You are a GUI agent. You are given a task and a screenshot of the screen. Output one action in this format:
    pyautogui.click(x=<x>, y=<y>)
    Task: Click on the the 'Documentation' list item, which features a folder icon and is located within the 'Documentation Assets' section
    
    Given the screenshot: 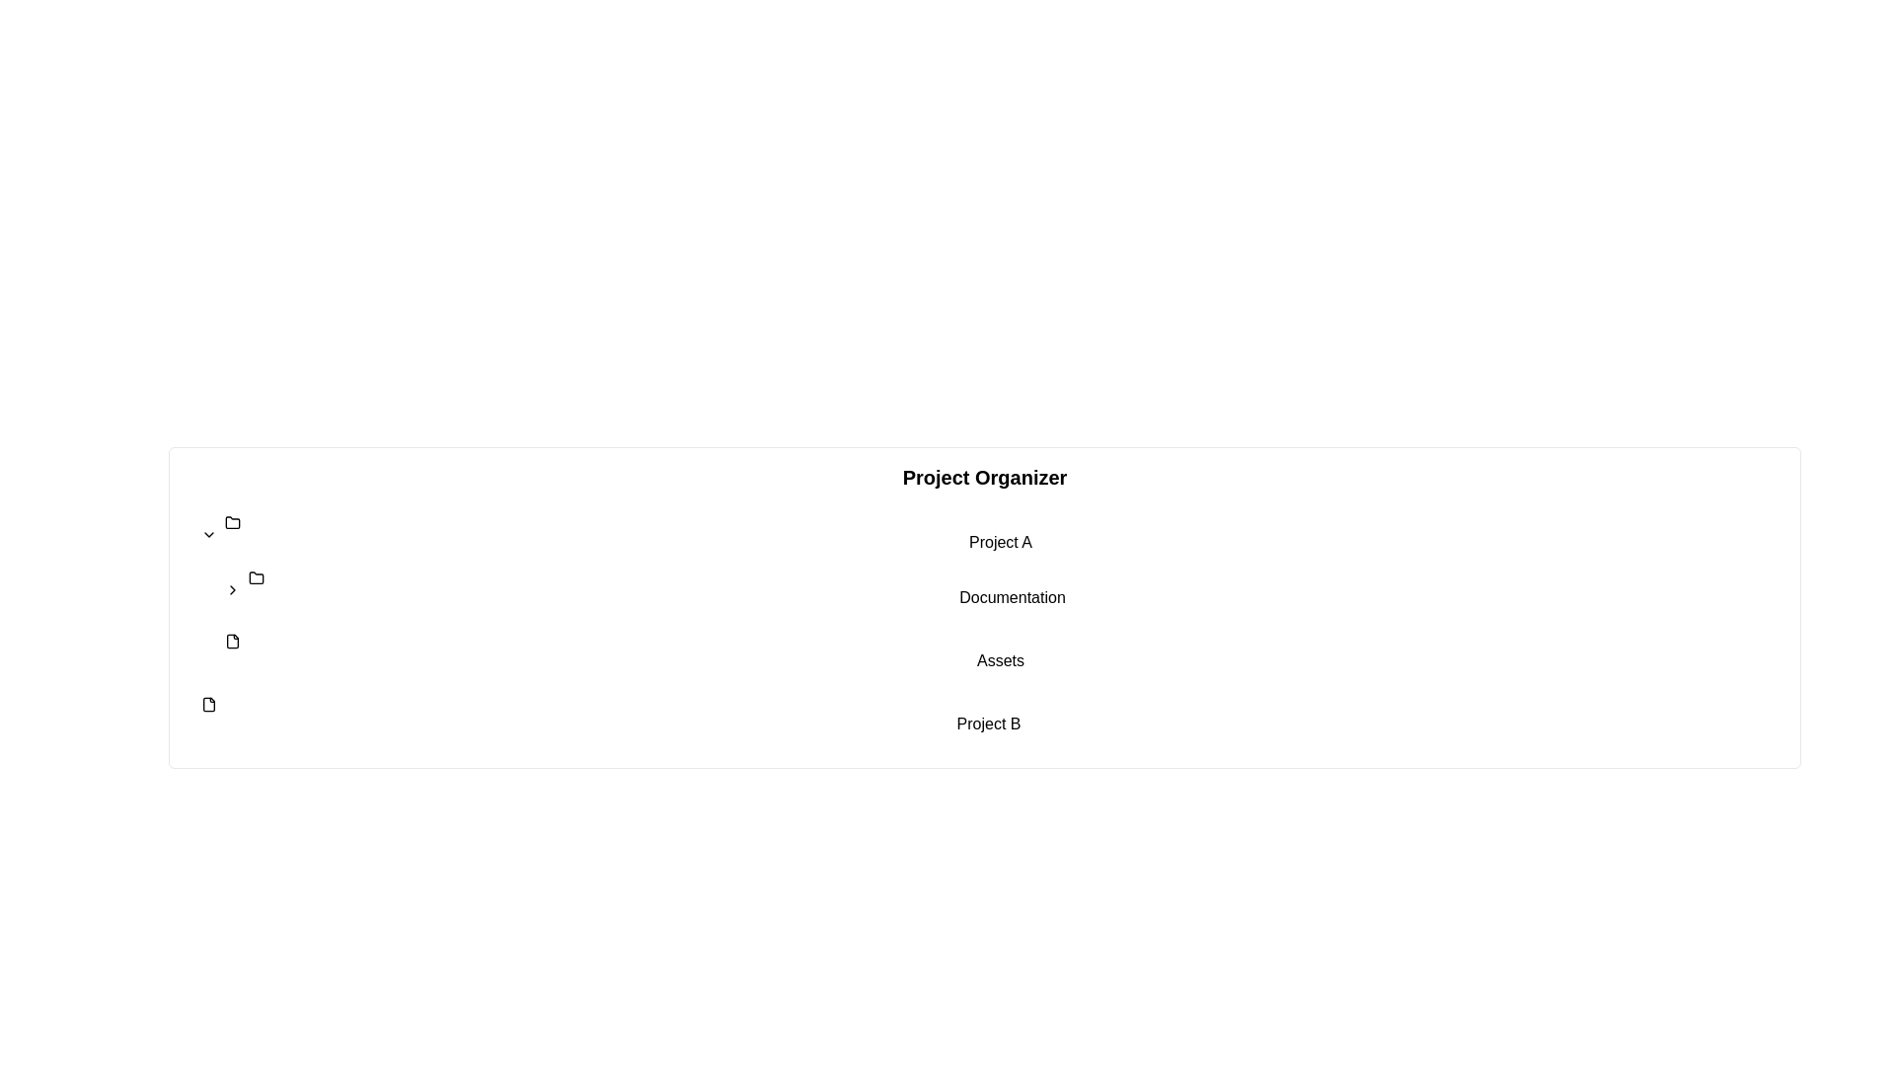 What is the action you would take?
    pyautogui.click(x=1000, y=588)
    